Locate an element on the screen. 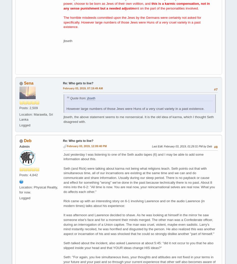 The image size is (237, 264). 'It was afternoon and Lawrence decided to shave. As he was looking at himself in the mirror he saw someone else's face and for a moment their minds merged. The other man was a Confederate officer, during an interrogation of a Union captive. The man was cruel, violent, maybe even sadistic. Larry's mind instantly recoiled, he was horrified and disgusted by the person. He also realized this was another aspect or incarnation of his and was shocked that he could so strongly dislike another "part of himself."' is located at coordinates (139, 224).